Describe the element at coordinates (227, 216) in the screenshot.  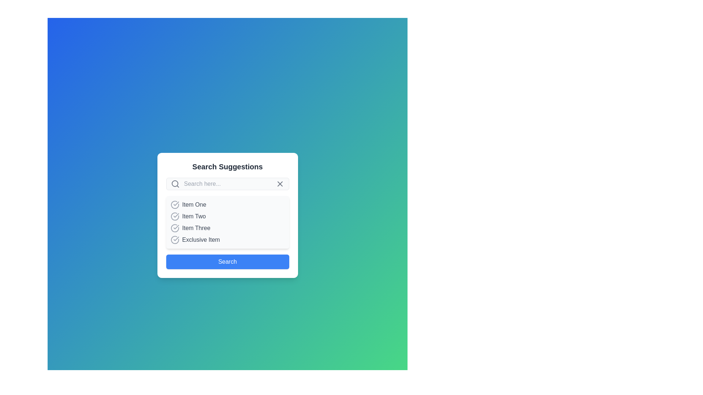
I see `the second item in the selectable list, which is located directly below 'Item One' and above 'Item Three'` at that location.